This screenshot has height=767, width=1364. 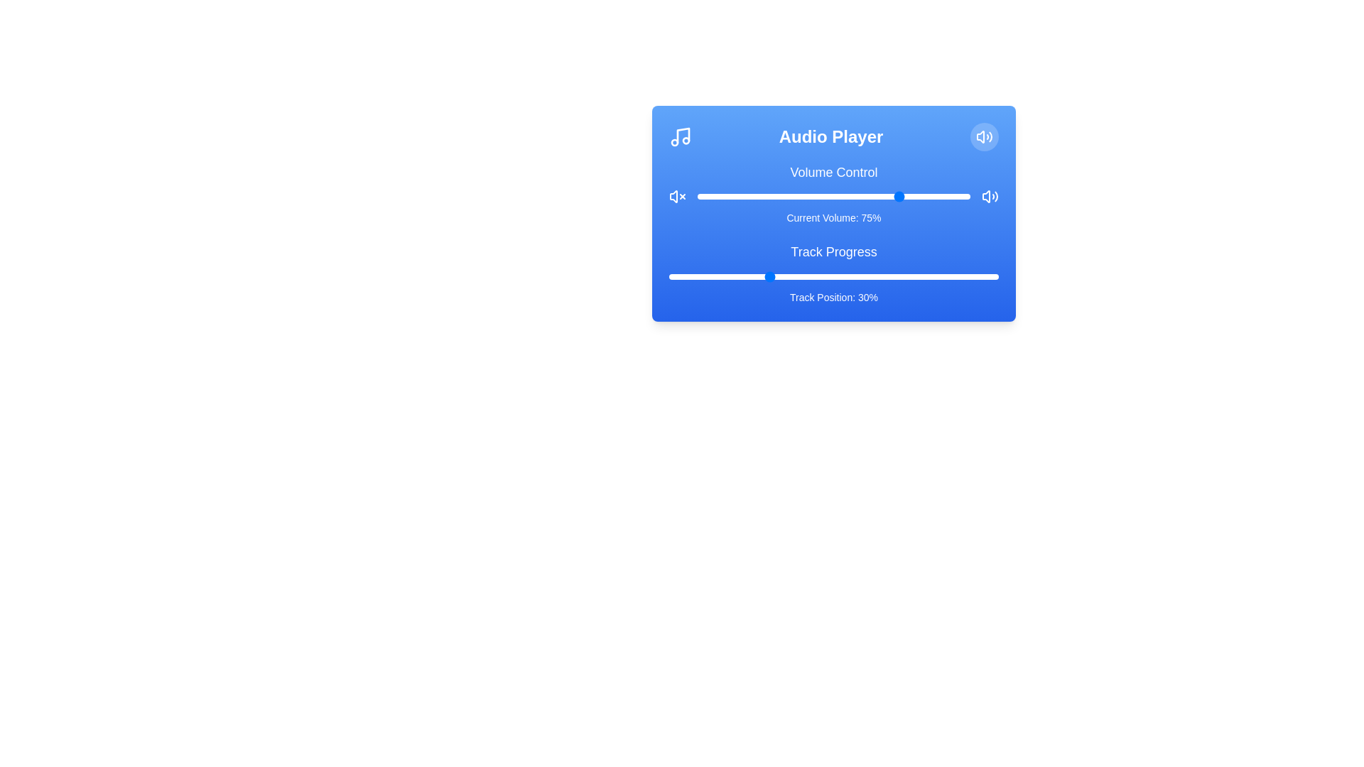 I want to click on the 'Audio Player' text label, which is styled in bold and large font at the top center of a light blue rectangle in the audio player interface, so click(x=831, y=136).